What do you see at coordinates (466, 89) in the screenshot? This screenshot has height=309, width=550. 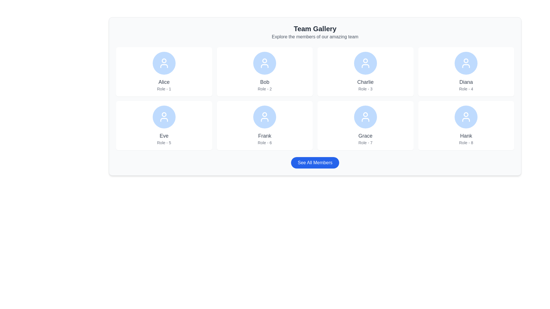 I see `text content of the label displaying 'Role - 4' which is positioned below the larger text 'Diana' in the card located in the second row, fourth column of the grid layout` at bounding box center [466, 89].